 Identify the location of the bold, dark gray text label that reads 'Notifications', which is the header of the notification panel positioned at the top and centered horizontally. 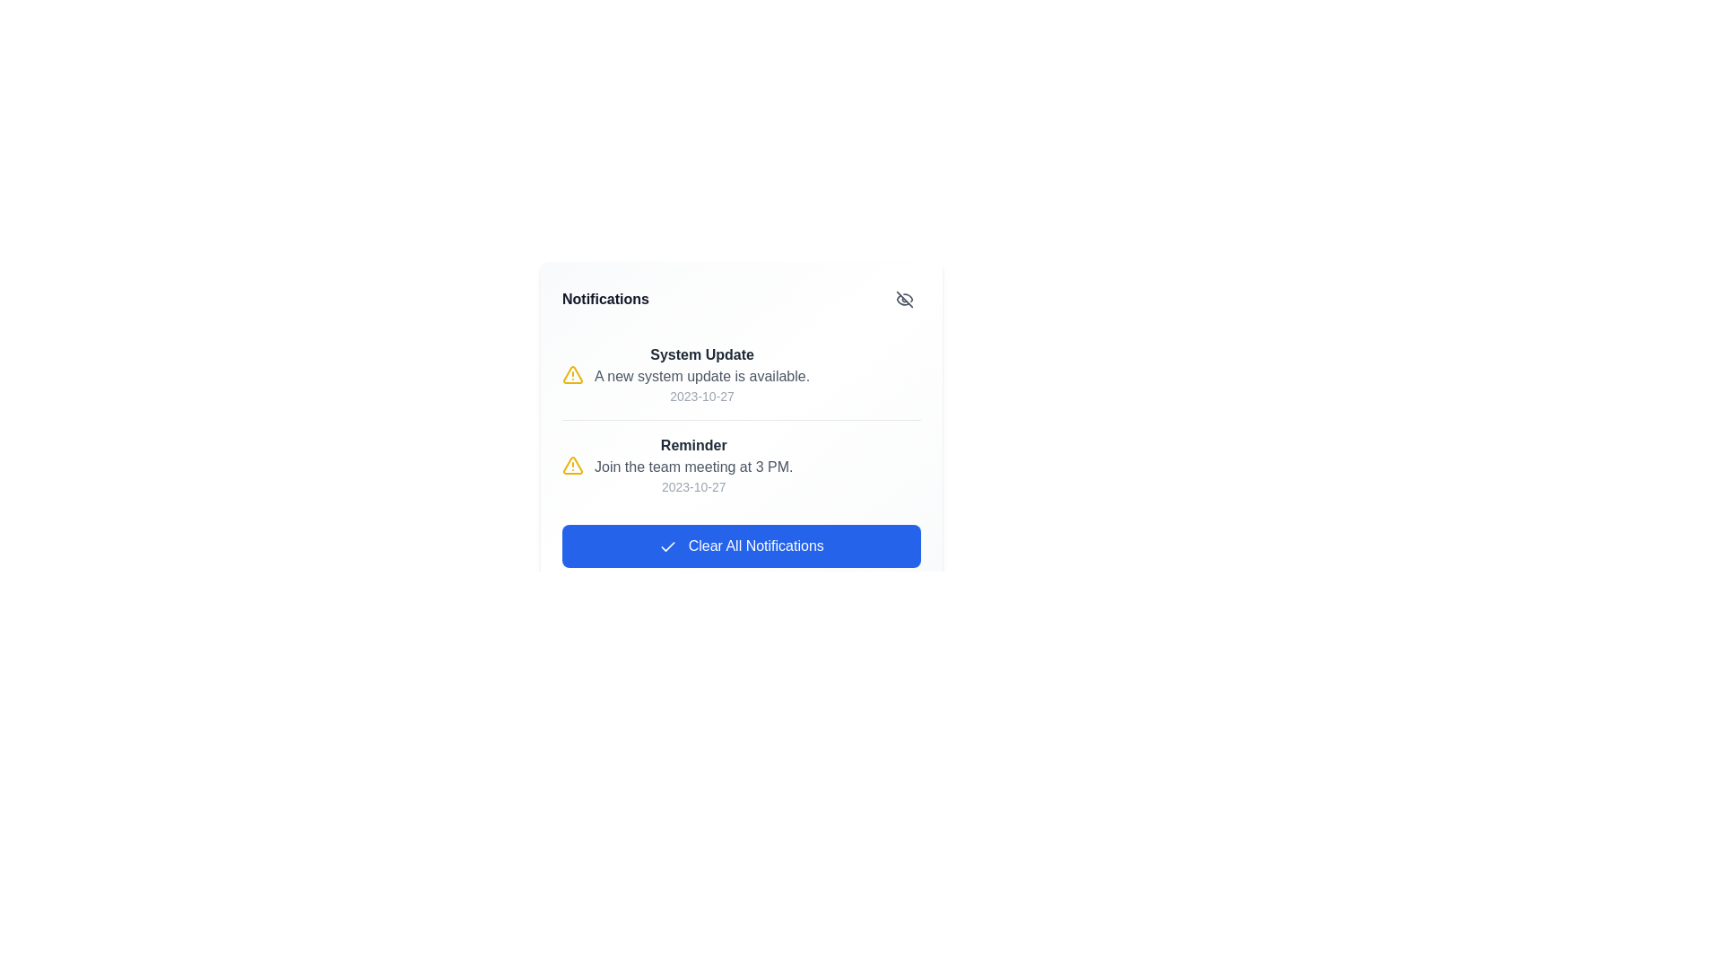
(605, 299).